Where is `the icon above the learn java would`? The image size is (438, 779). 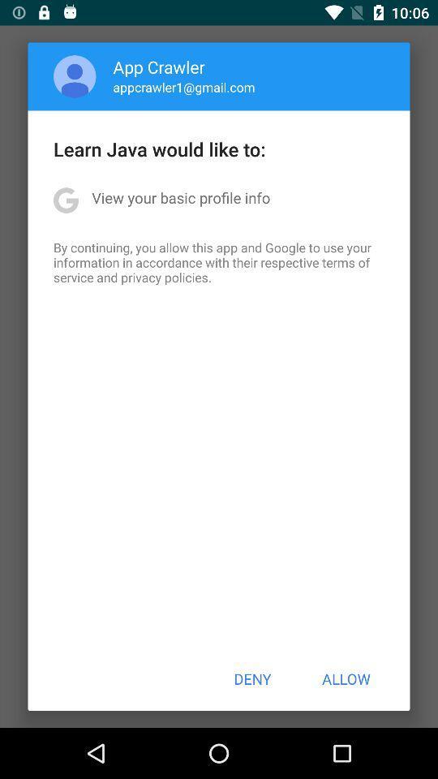 the icon above the learn java would is located at coordinates (183, 87).